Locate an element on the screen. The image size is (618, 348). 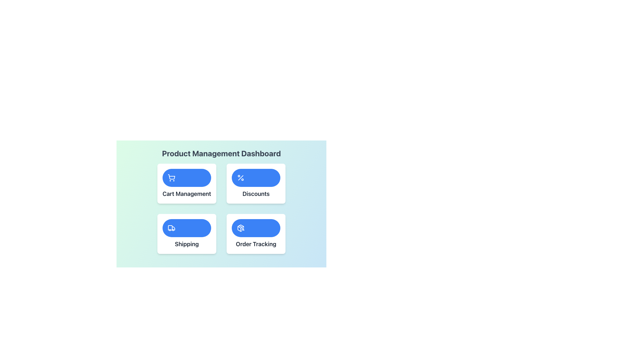
the 'Discounts' button located in the top right section of the grid layout is located at coordinates (256, 184).